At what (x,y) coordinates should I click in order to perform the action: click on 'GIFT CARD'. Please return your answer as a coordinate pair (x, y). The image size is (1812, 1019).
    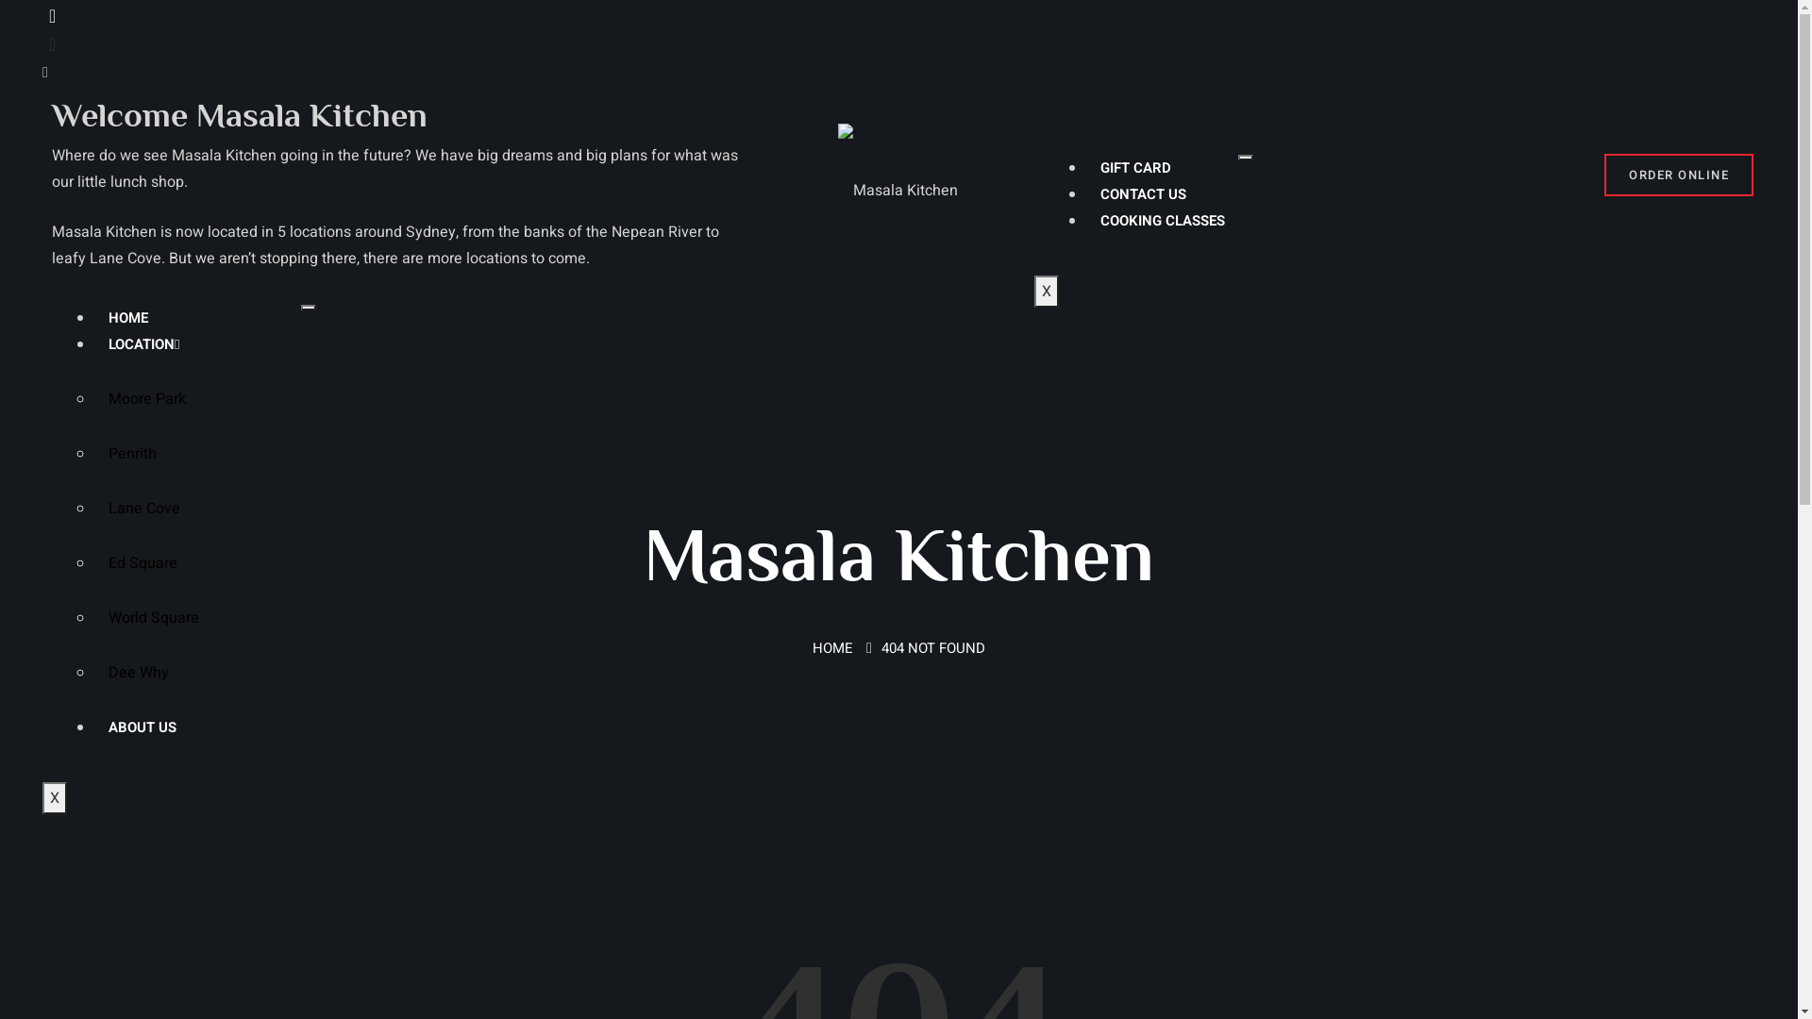
    Looking at the image, I should click on (1134, 166).